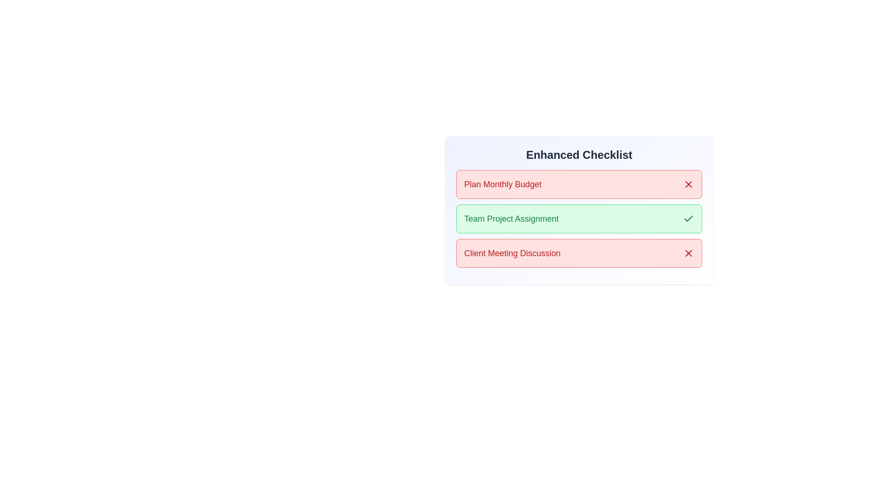 This screenshot has height=503, width=894. I want to click on the status of the check icon with a green outline located at the right edge of the 'Team Project Assignment' item in the Enhanced Checklist, so click(688, 219).